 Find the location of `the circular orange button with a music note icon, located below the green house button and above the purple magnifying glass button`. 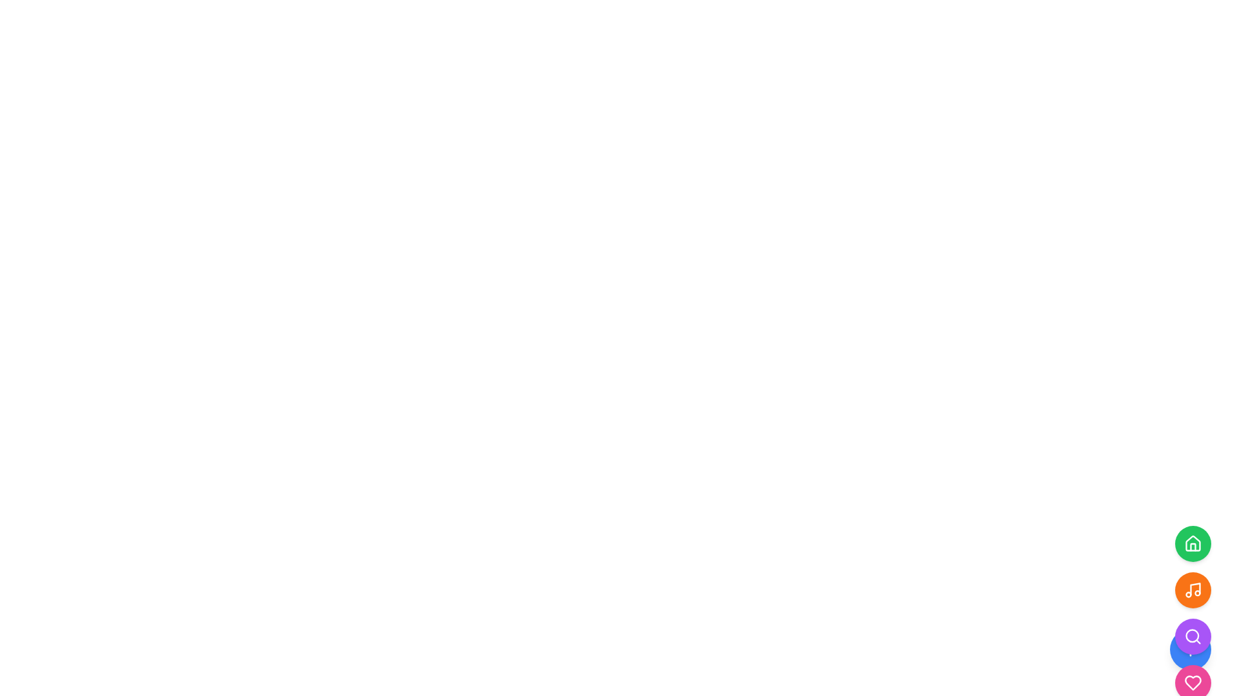

the circular orange button with a music note icon, located below the green house button and above the purple magnifying glass button is located at coordinates (1193, 590).